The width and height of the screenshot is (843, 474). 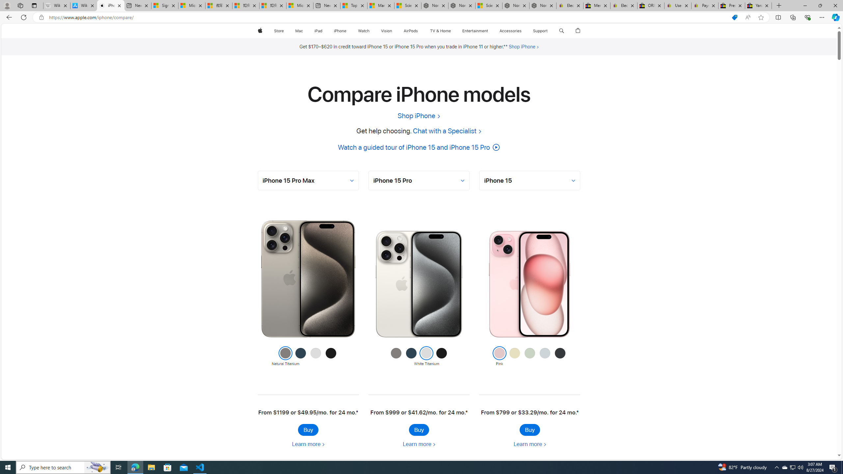 What do you see at coordinates (387, 31) in the screenshot?
I see `'Vision'` at bounding box center [387, 31].